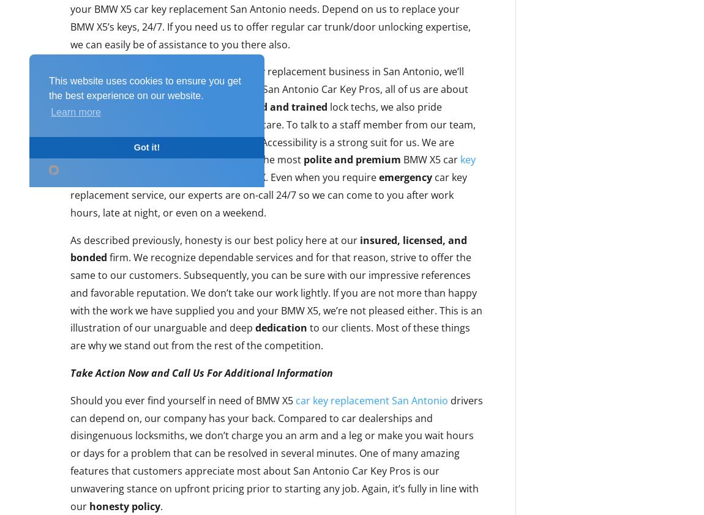 The width and height of the screenshot is (704, 515). I want to click on 'emergency', so click(405, 177).